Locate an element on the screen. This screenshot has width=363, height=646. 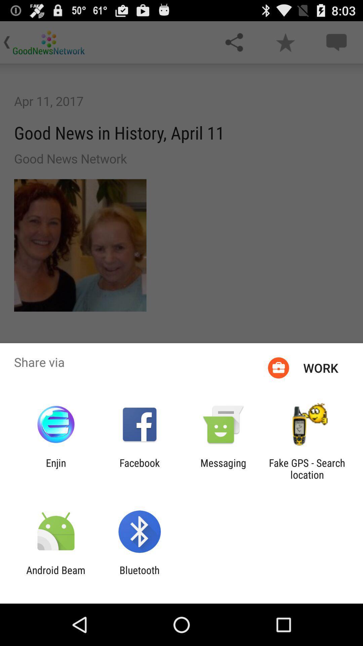
the app to the left of messaging item is located at coordinates (139, 468).